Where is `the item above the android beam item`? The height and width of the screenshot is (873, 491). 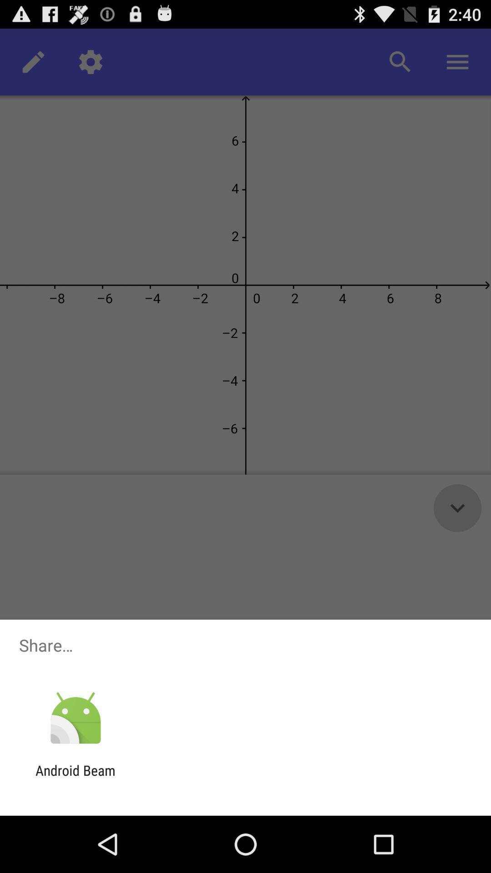 the item above the android beam item is located at coordinates (75, 718).